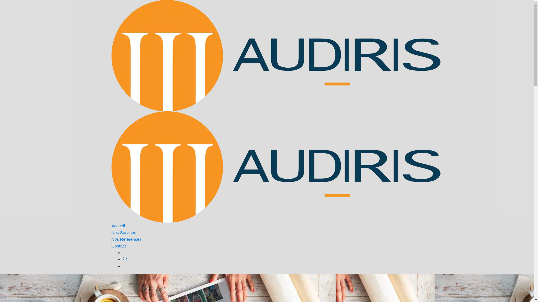 The width and height of the screenshot is (538, 302). I want to click on 'Accueil', so click(118, 225).